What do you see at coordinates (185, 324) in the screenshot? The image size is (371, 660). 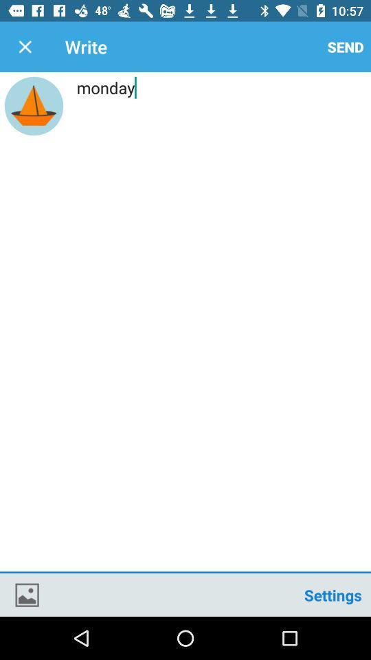 I see `the monday at the center` at bounding box center [185, 324].